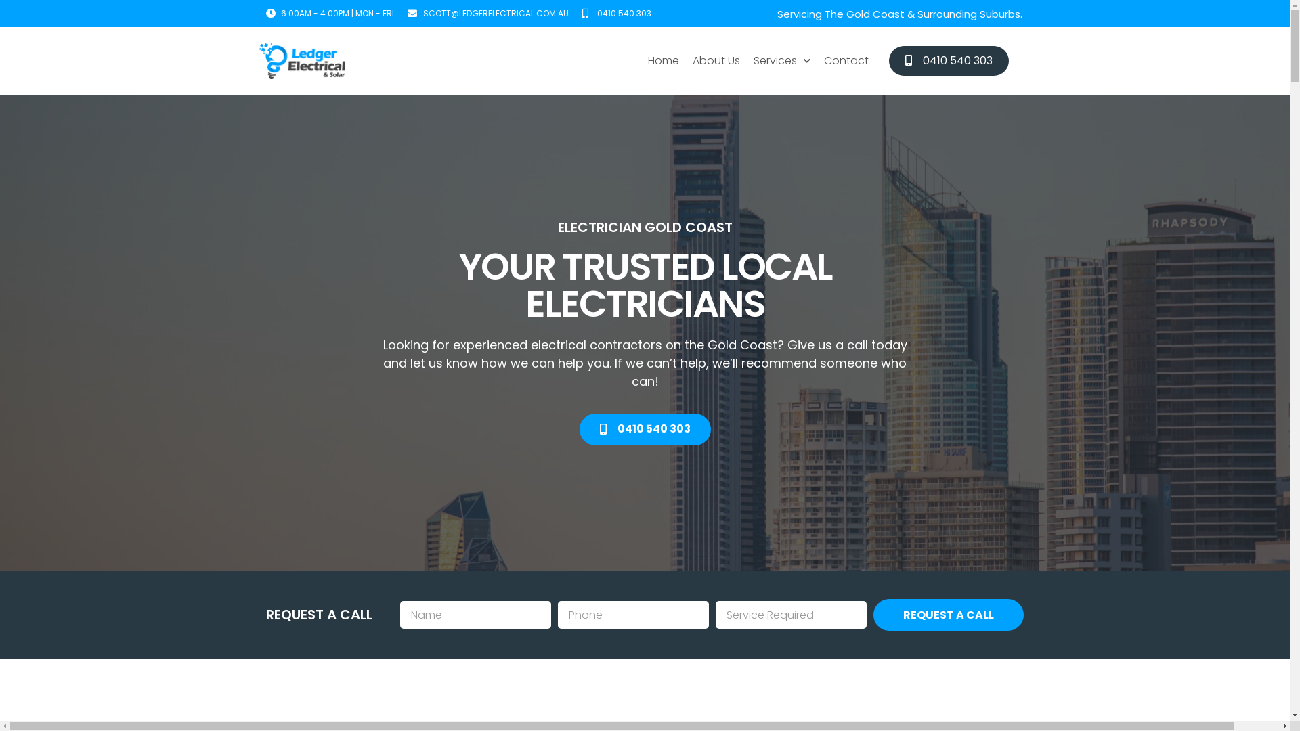 The image size is (1300, 731). I want to click on 'About Us', so click(715, 60).